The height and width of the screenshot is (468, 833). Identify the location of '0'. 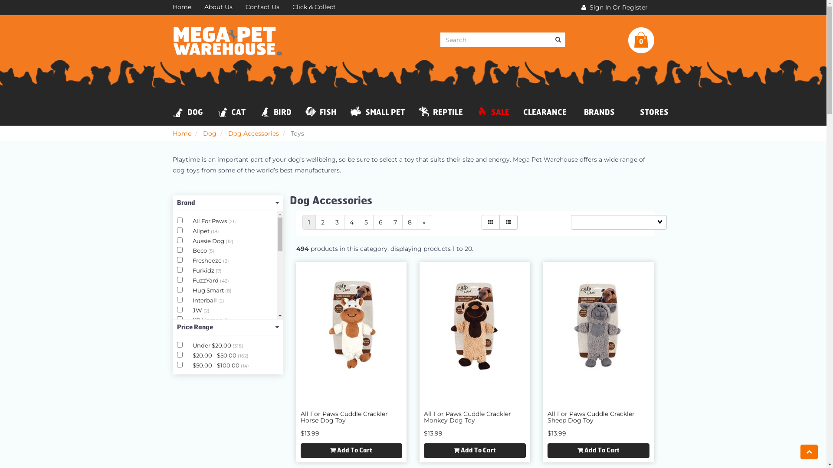
(628, 40).